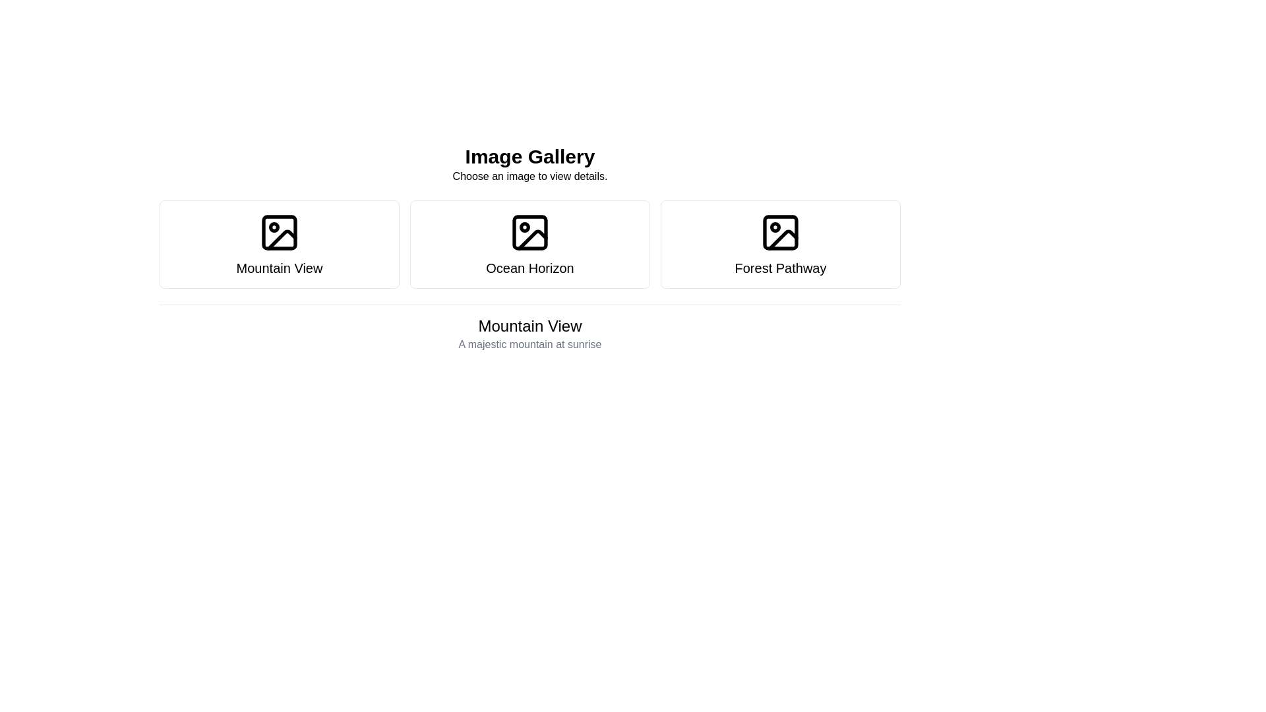 This screenshot has width=1266, height=712. What do you see at coordinates (530, 332) in the screenshot?
I see `the text element titled 'Mountain View'` at bounding box center [530, 332].